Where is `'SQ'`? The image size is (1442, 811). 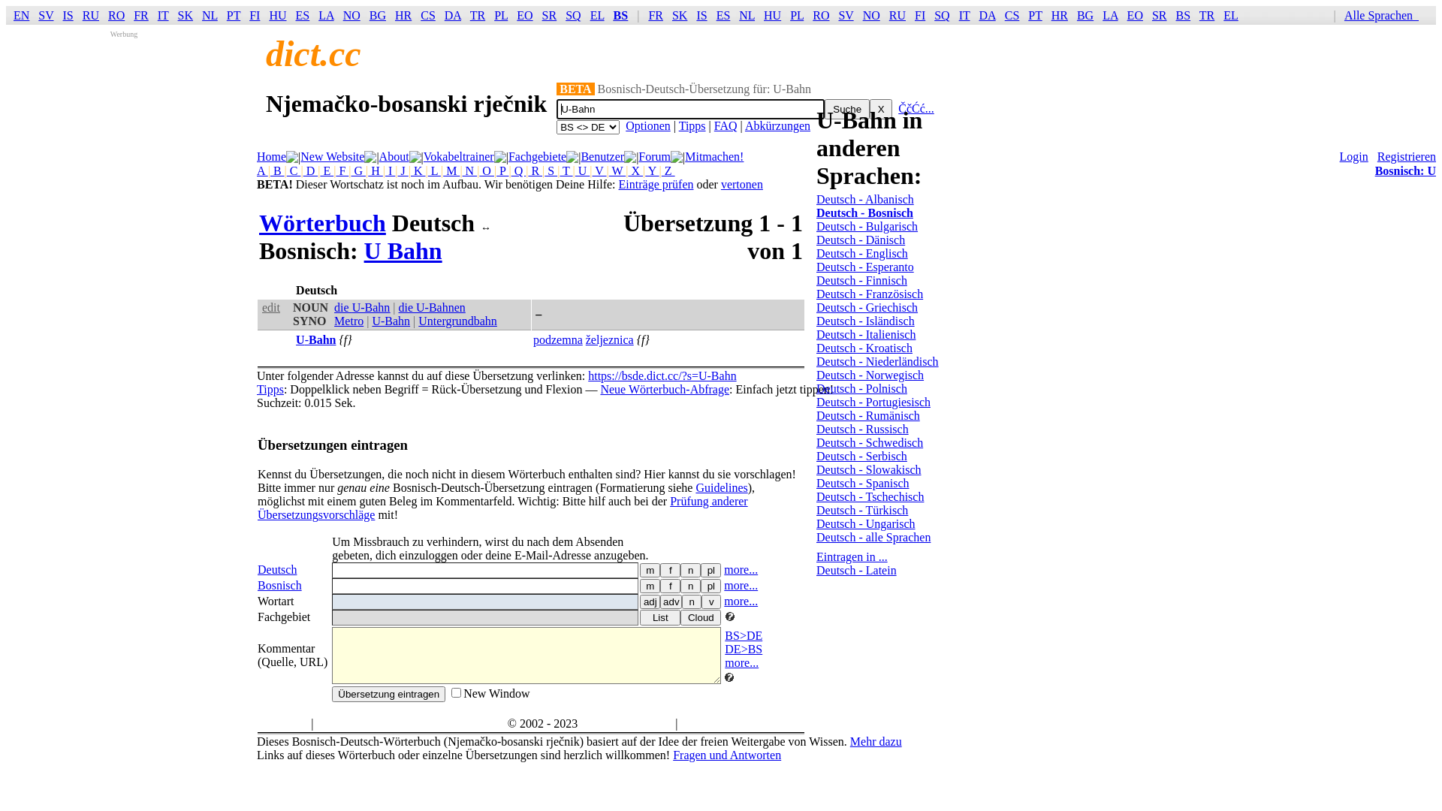
'SQ' is located at coordinates (565, 15).